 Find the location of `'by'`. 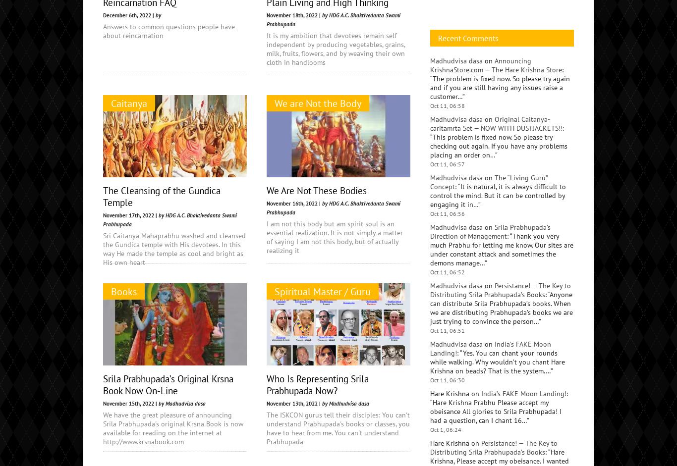

'by' is located at coordinates (158, 15).